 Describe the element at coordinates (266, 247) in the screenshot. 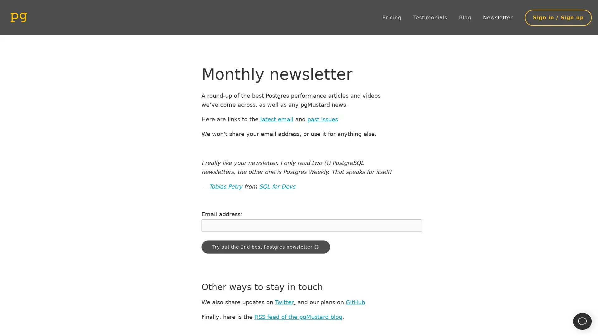

I see `Try out the 2nd best Postgres newsletter` at that location.